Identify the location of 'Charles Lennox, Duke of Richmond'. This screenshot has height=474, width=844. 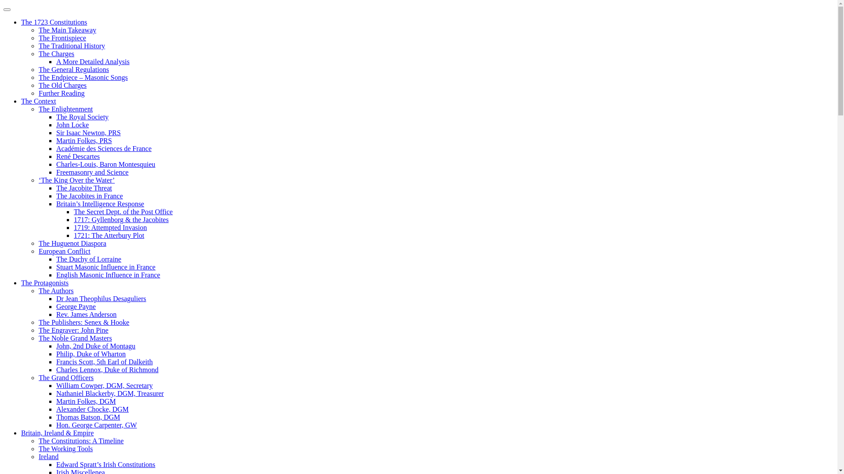
(107, 370).